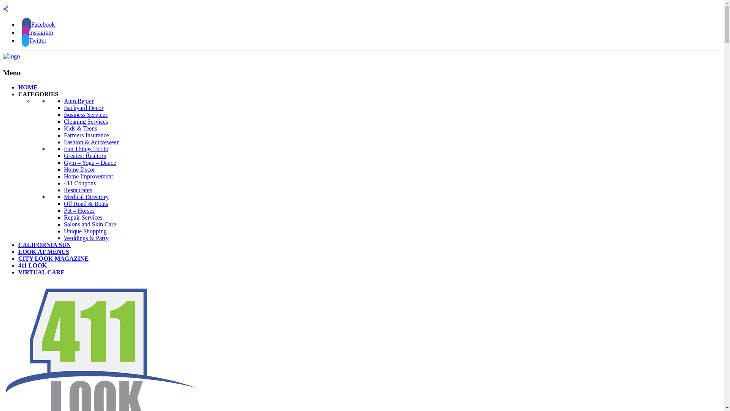 The width and height of the screenshot is (730, 411). I want to click on 'Auto Repair', so click(79, 100).